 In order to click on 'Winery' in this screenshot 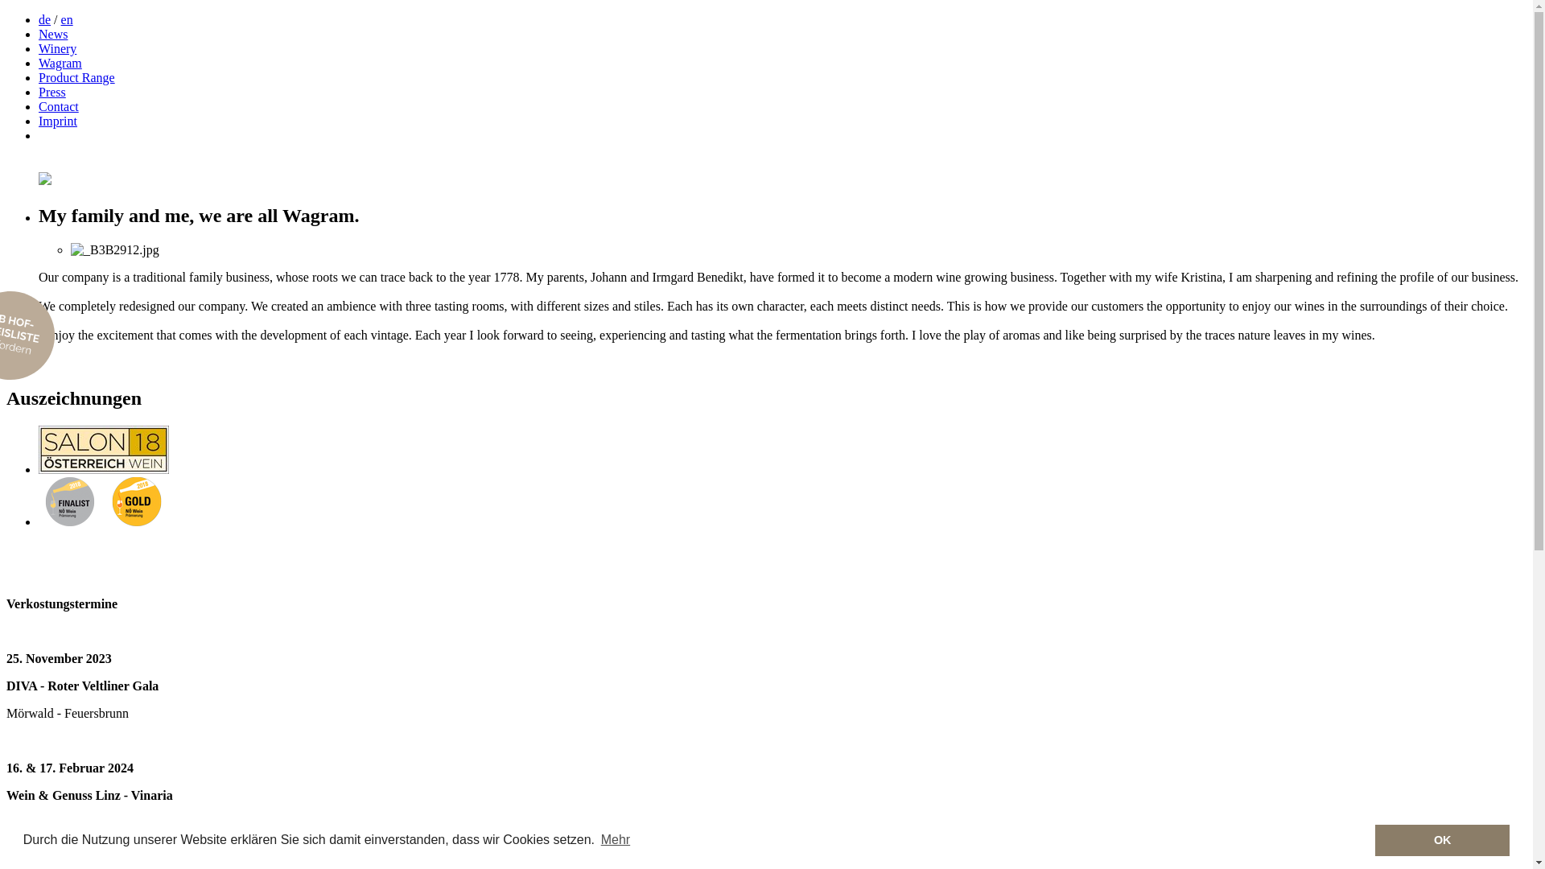, I will do `click(57, 47)`.